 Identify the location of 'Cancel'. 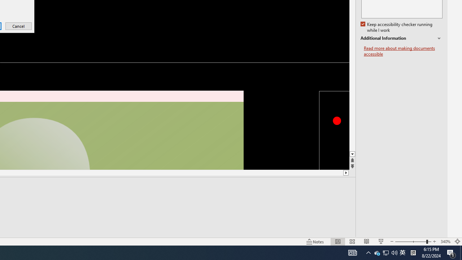
(18, 26).